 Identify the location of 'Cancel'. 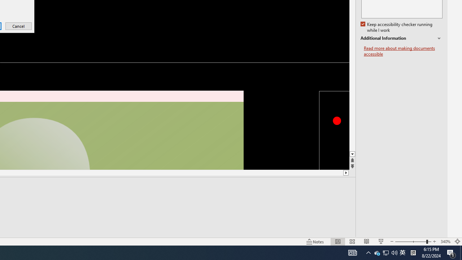
(18, 26).